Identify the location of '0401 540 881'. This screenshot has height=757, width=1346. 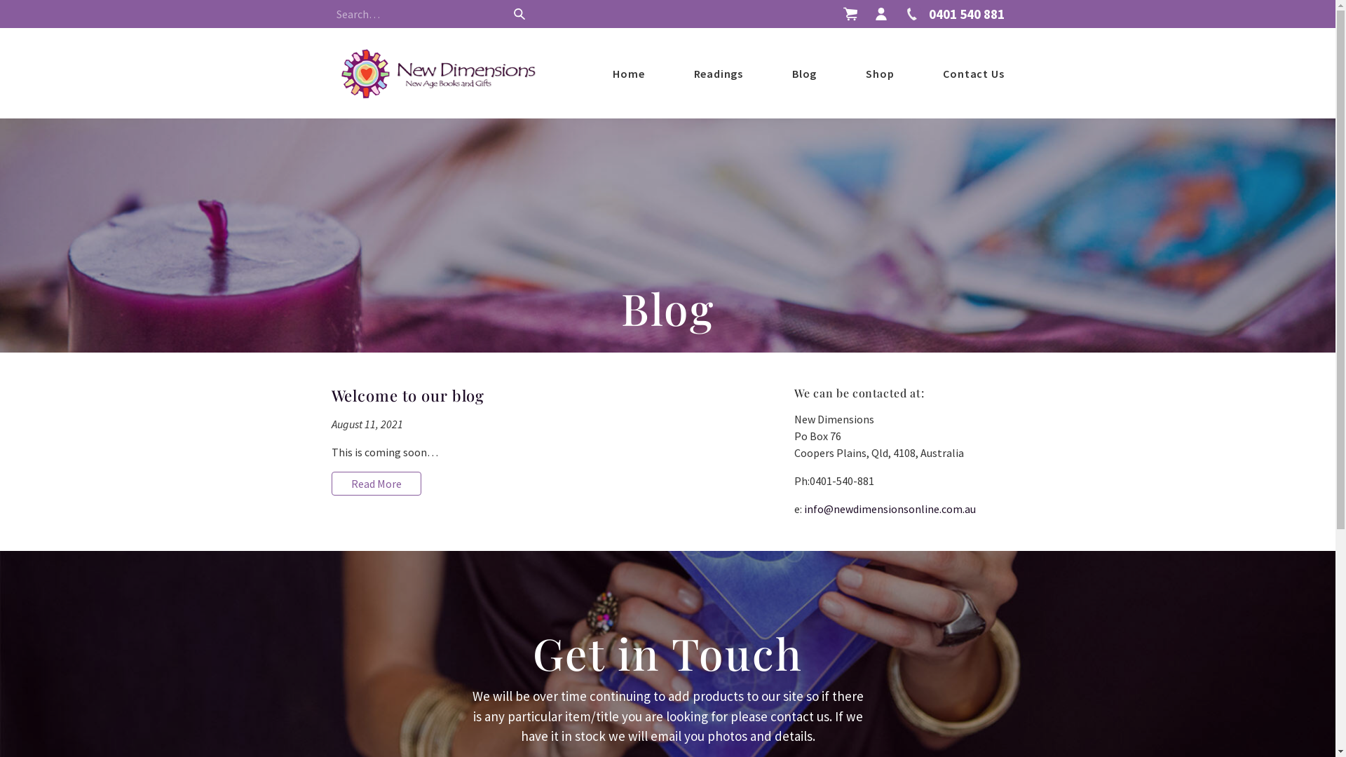
(902, 13).